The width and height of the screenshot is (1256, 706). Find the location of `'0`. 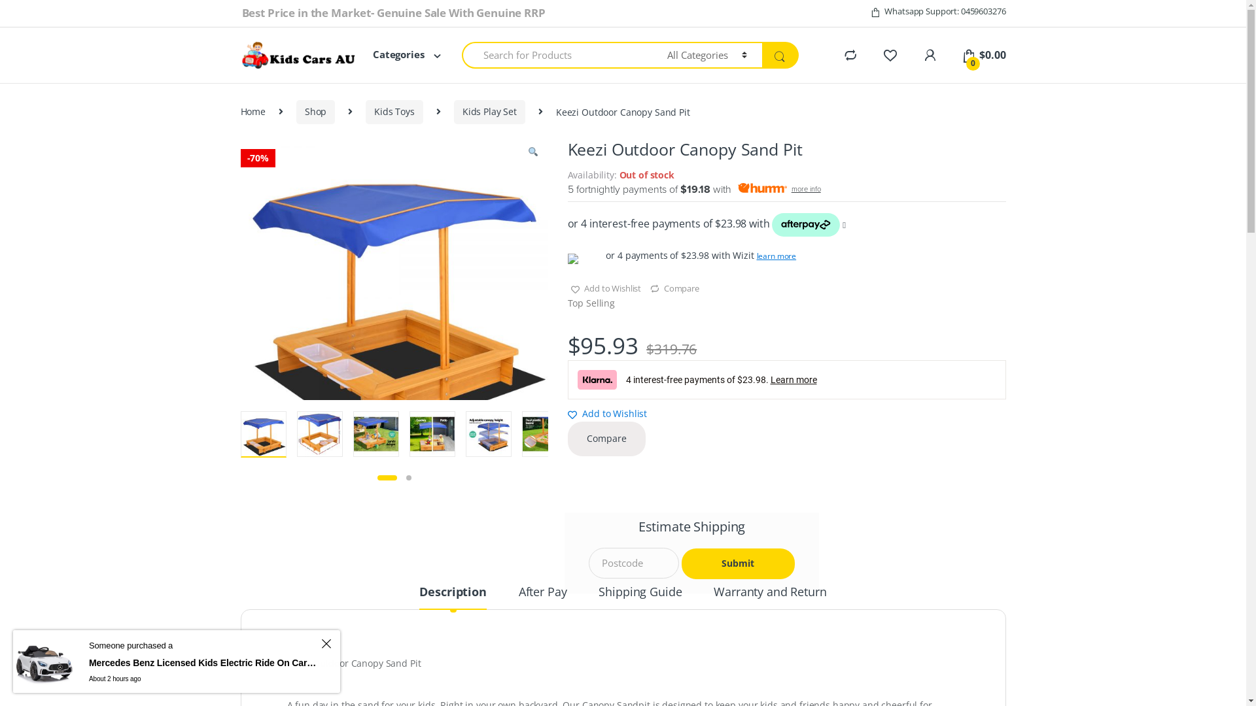

'0 is located at coordinates (983, 54).